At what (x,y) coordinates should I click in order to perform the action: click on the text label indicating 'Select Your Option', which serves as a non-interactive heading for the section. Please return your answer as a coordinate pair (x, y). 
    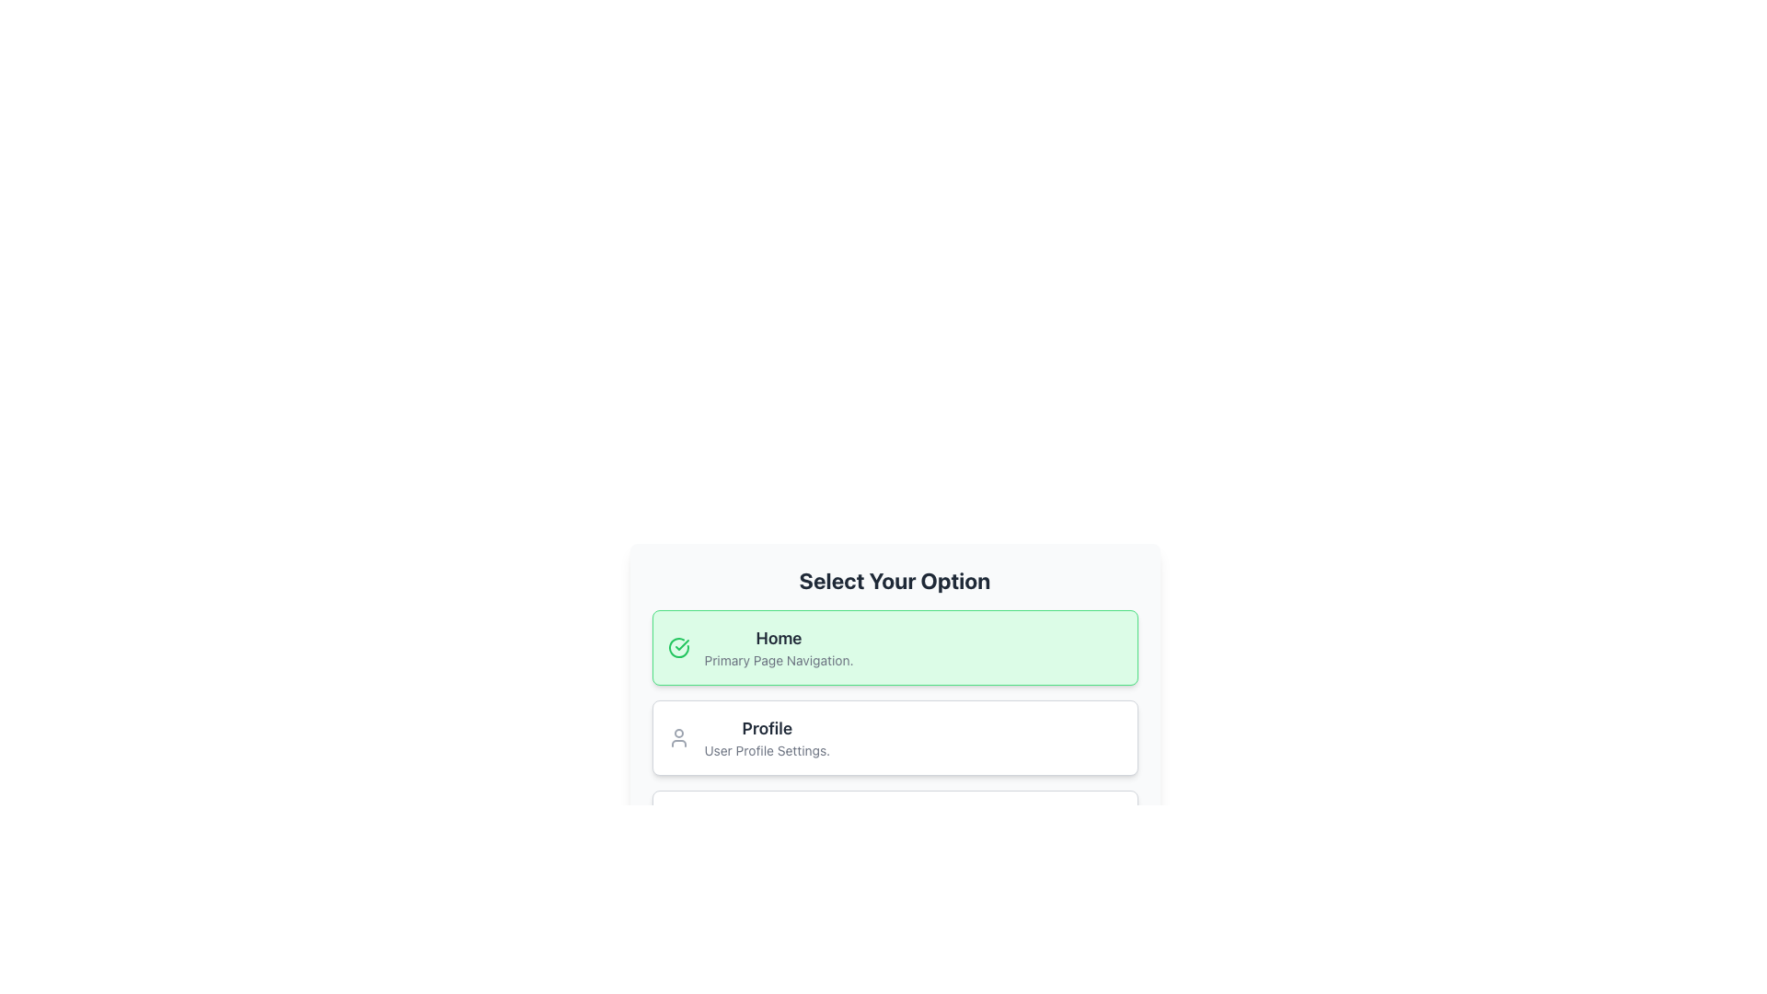
    Looking at the image, I should click on (779, 638).